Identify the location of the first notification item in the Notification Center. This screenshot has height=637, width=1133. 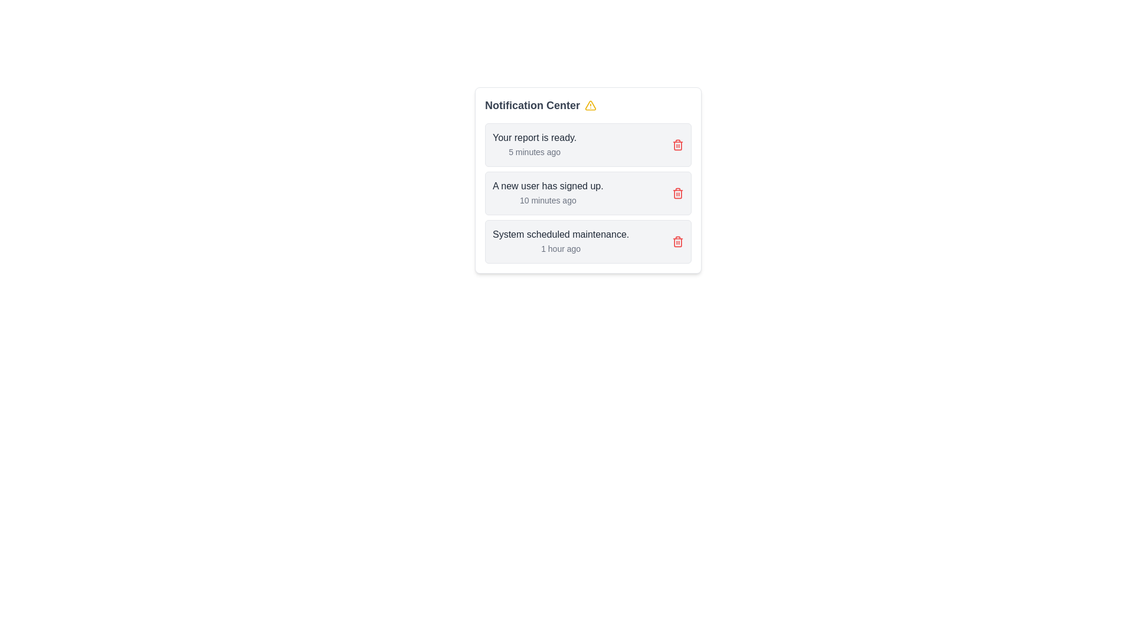
(534, 145).